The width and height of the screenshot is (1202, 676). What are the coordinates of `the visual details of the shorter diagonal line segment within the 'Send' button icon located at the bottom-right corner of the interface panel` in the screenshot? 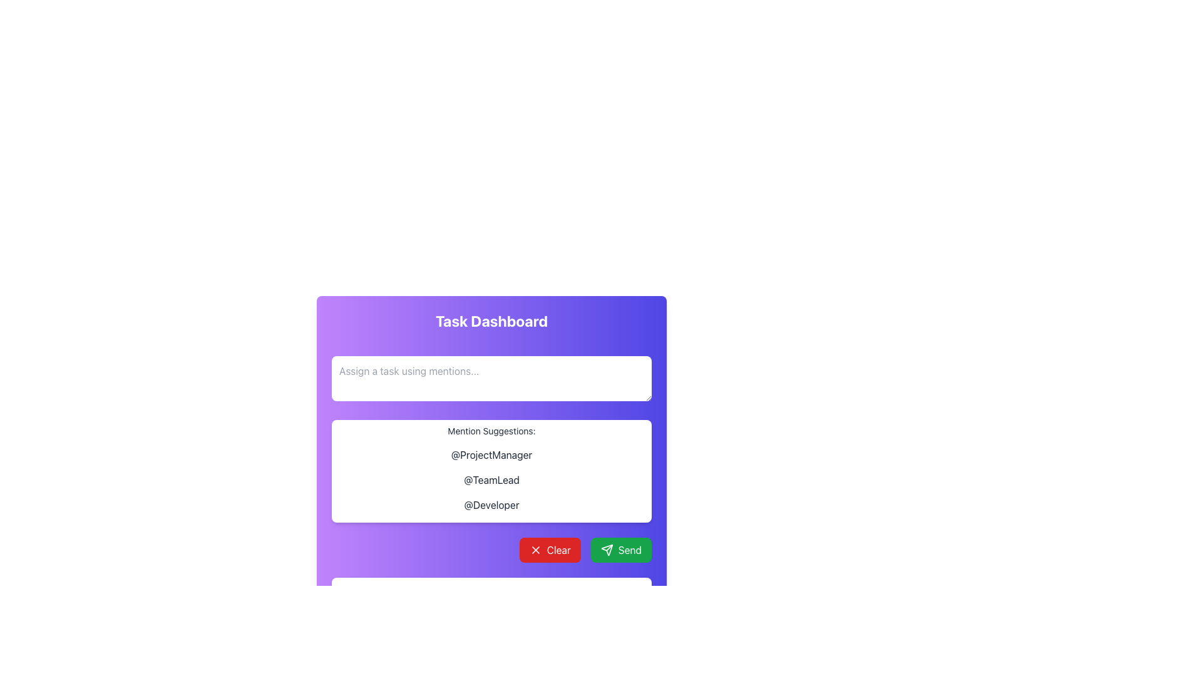 It's located at (609, 547).